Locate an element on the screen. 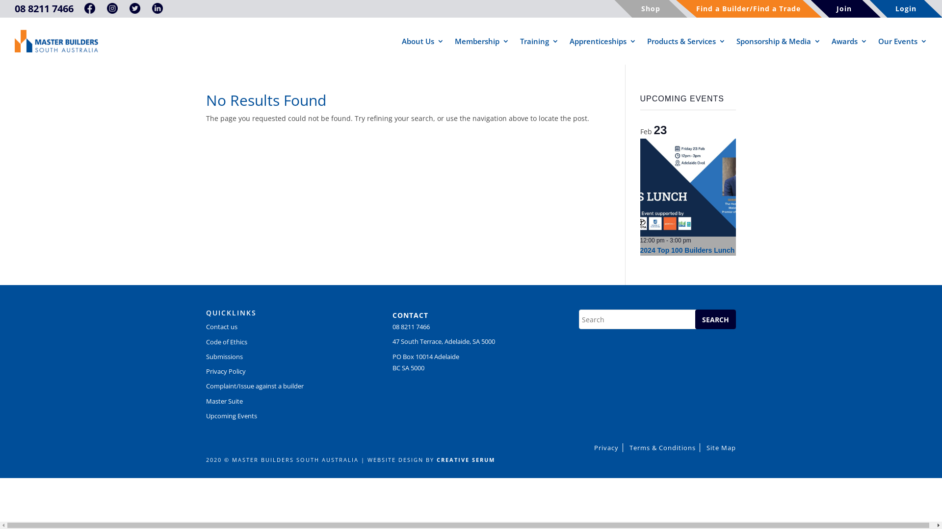  'About Us' is located at coordinates (423, 41).